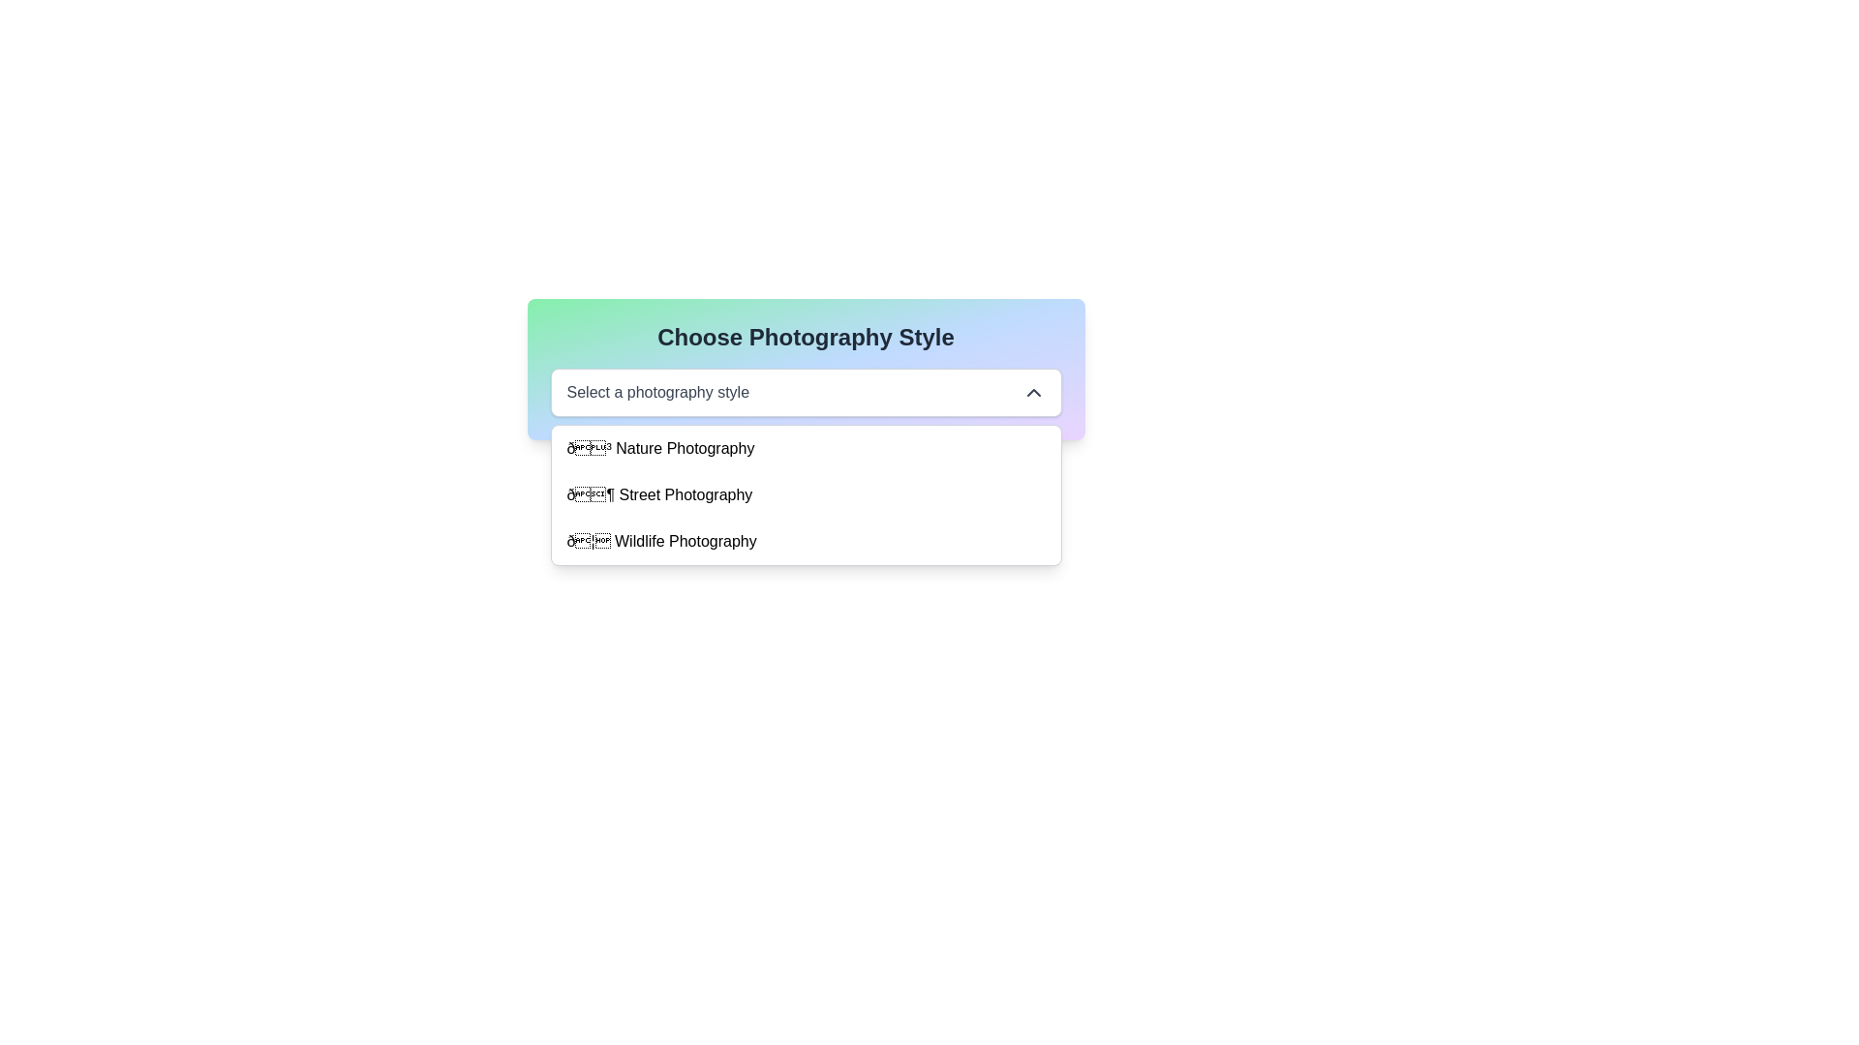 This screenshot has width=1859, height=1045. What do you see at coordinates (806, 494) in the screenshot?
I see `the Dropdown menu options` at bounding box center [806, 494].